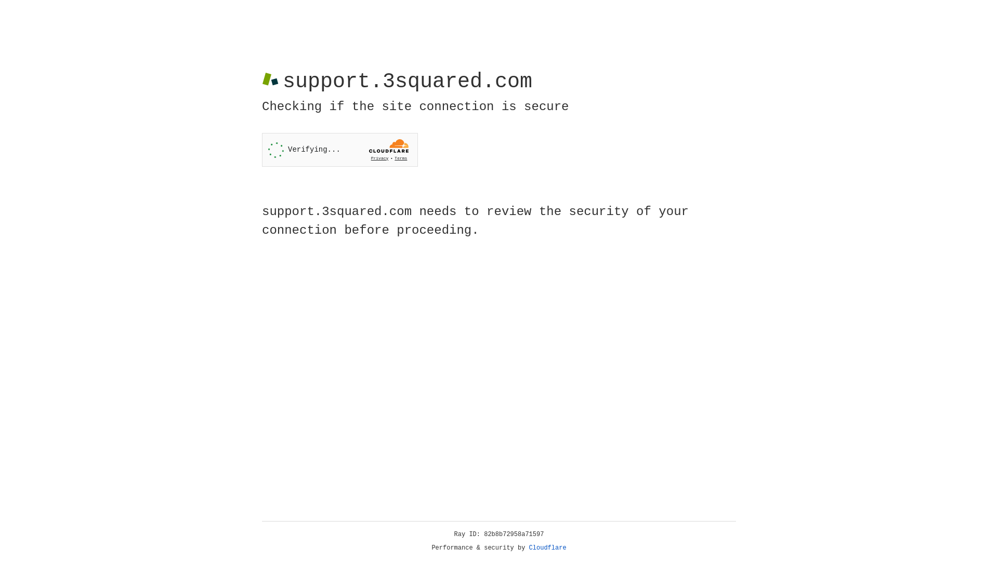 The width and height of the screenshot is (998, 561). What do you see at coordinates (339, 150) in the screenshot?
I see `'Widget containing a Cloudflare security challenge'` at bounding box center [339, 150].